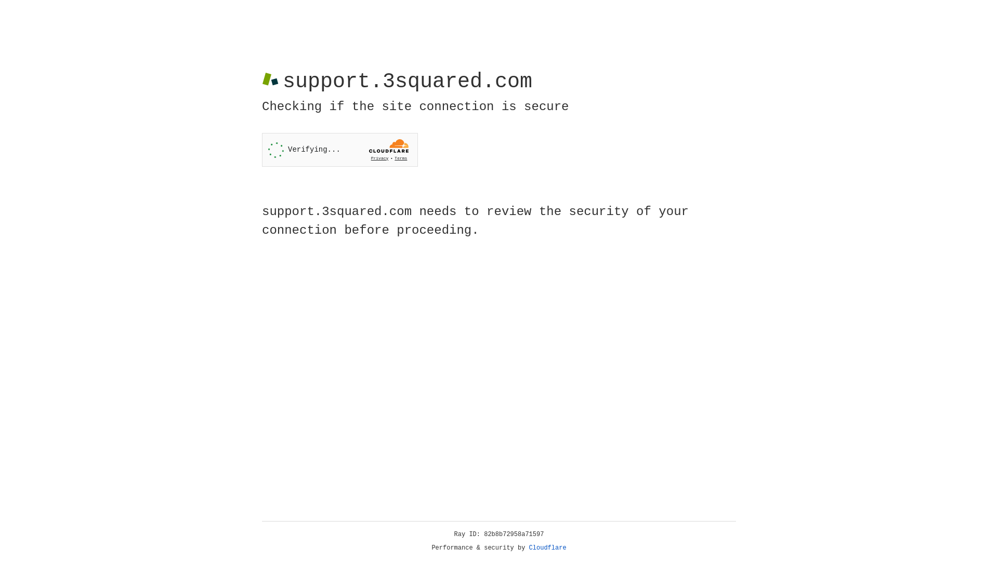 The width and height of the screenshot is (998, 561). What do you see at coordinates (339, 150) in the screenshot?
I see `'Widget containing a Cloudflare security challenge'` at bounding box center [339, 150].